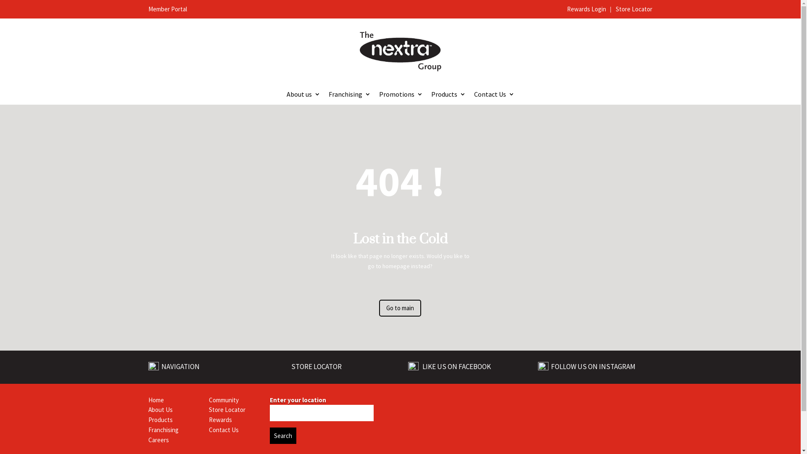 Image resolution: width=807 pixels, height=454 pixels. What do you see at coordinates (399, 51) in the screenshot?
I see `'nextra_logo'` at bounding box center [399, 51].